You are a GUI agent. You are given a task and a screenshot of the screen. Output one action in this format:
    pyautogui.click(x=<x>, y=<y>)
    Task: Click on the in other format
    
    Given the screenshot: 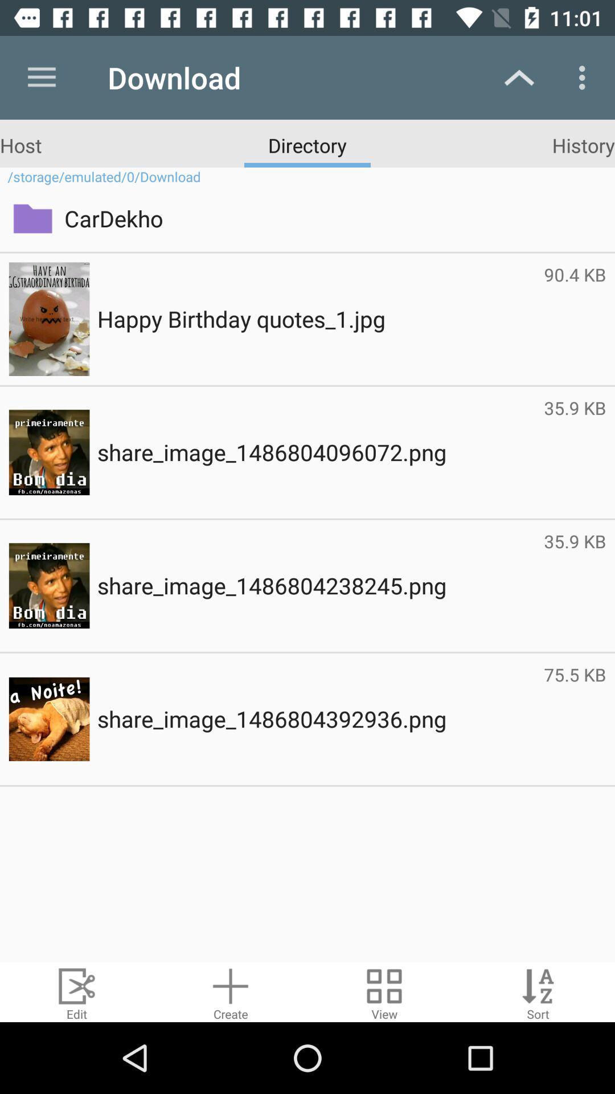 What is the action you would take?
    pyautogui.click(x=384, y=991)
    